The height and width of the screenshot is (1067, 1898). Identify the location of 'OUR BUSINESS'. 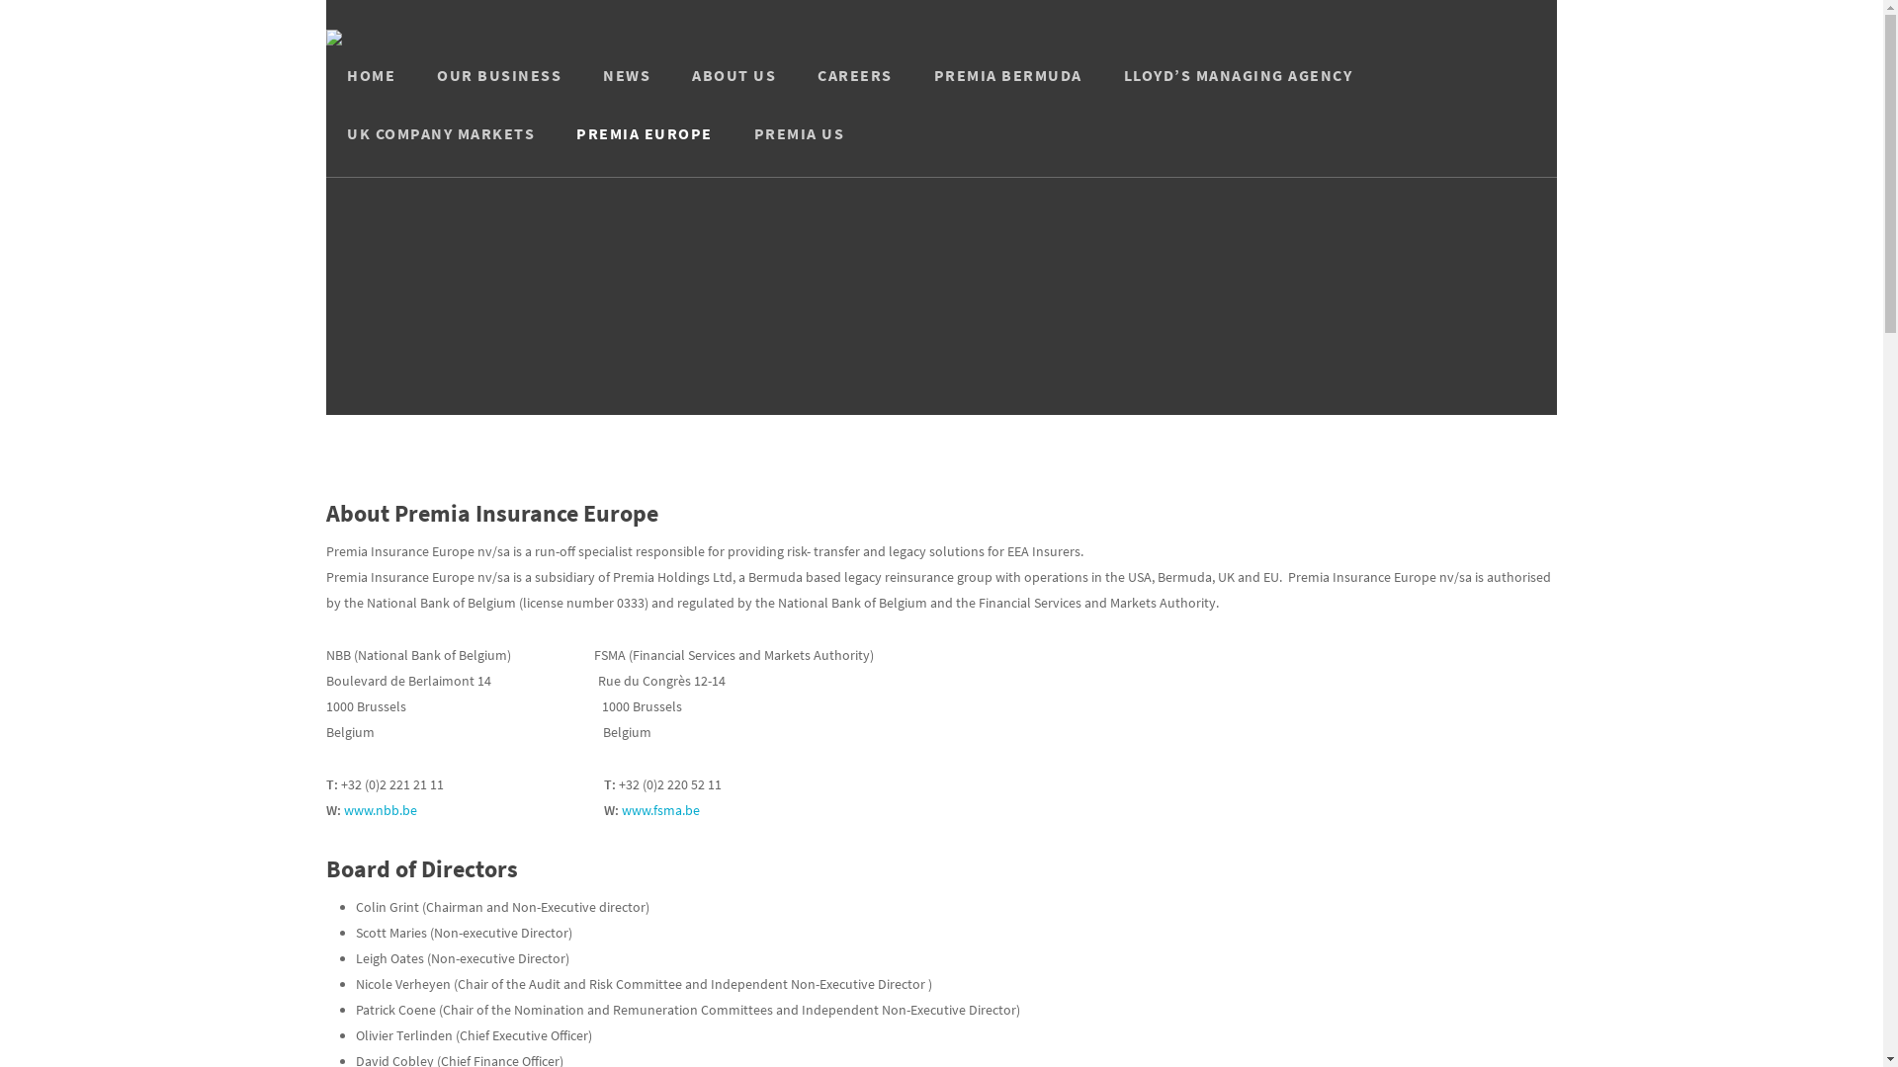
(416, 90).